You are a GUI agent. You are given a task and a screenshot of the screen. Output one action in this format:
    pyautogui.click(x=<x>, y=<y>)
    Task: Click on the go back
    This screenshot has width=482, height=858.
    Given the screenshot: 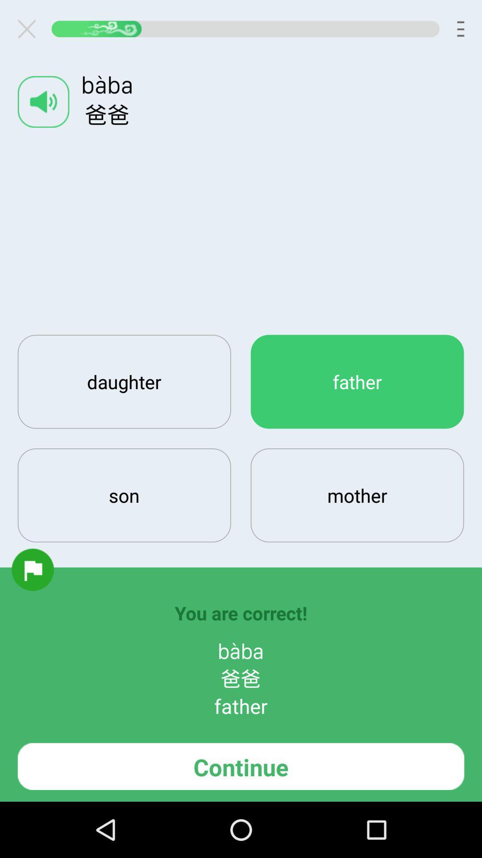 What is the action you would take?
    pyautogui.click(x=30, y=29)
    